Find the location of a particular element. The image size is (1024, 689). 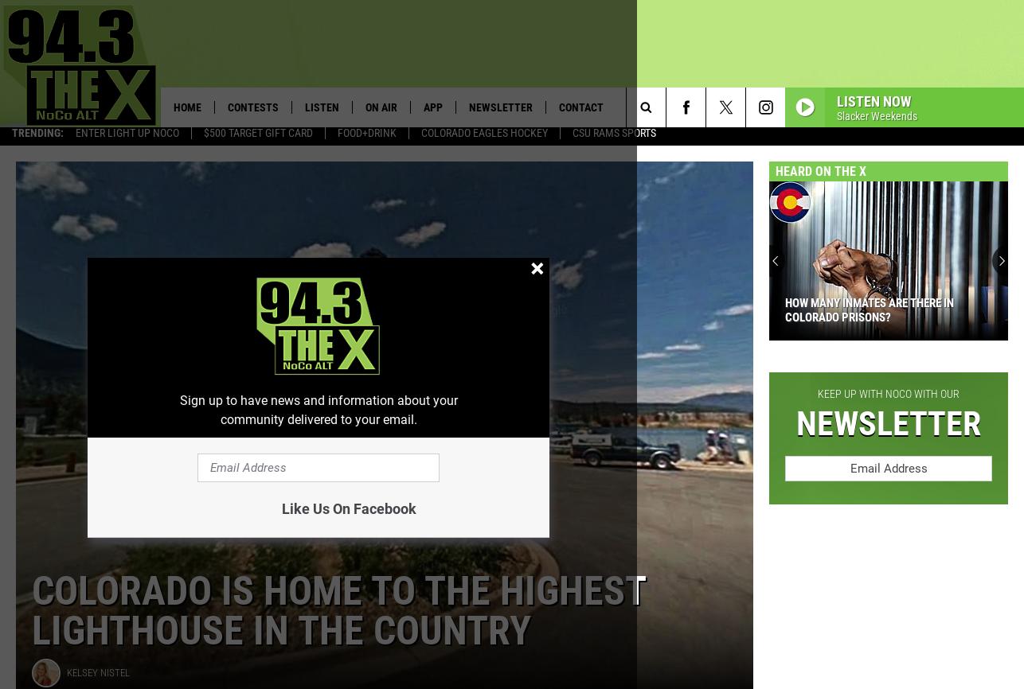

'Kelsey Nistel' is located at coordinates (98, 678).